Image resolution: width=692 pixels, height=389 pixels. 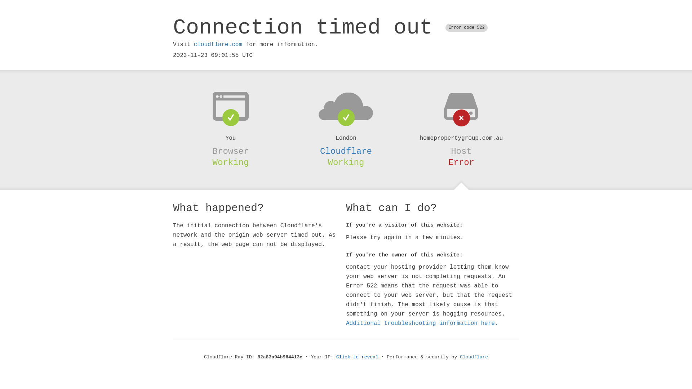 I want to click on 'Additional troubleshooting information here.', so click(x=422, y=323).